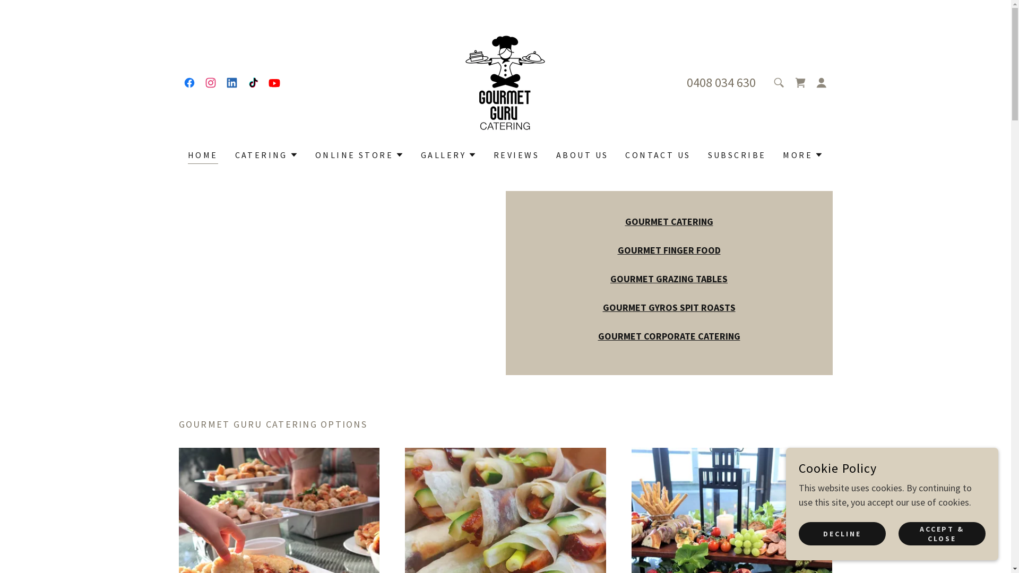 The width and height of the screenshot is (1019, 573). What do you see at coordinates (266, 155) in the screenshot?
I see `'CATERING'` at bounding box center [266, 155].